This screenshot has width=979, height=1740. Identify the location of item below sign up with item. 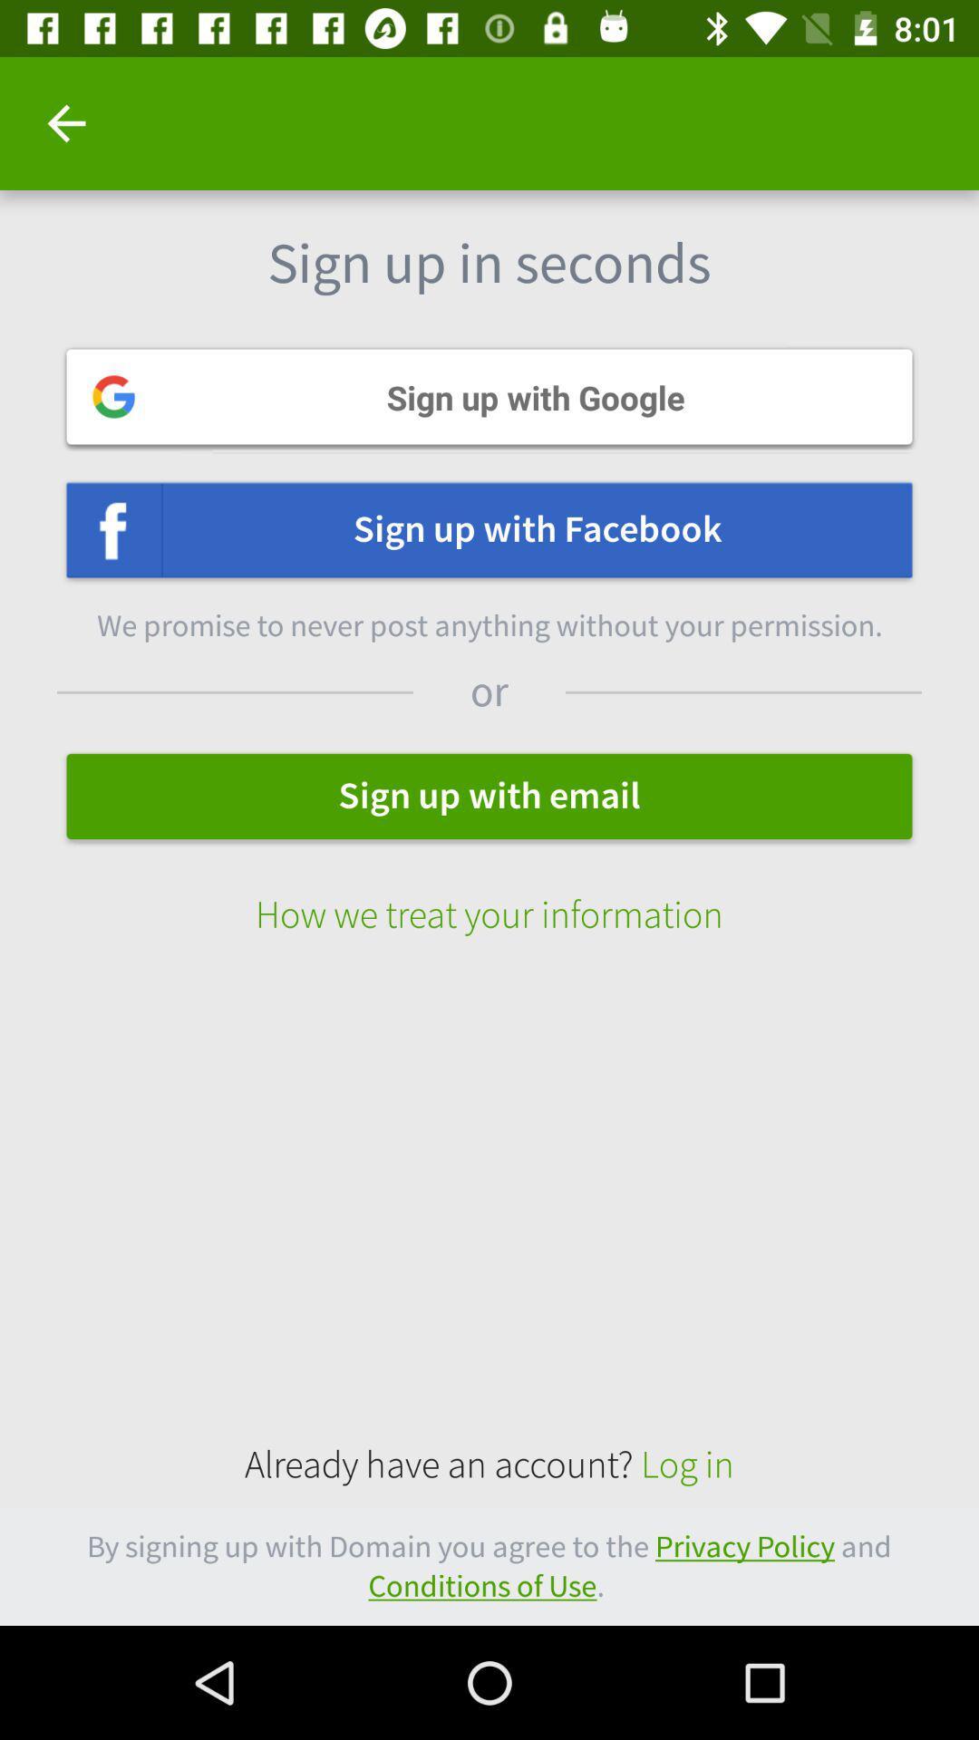
(489, 896).